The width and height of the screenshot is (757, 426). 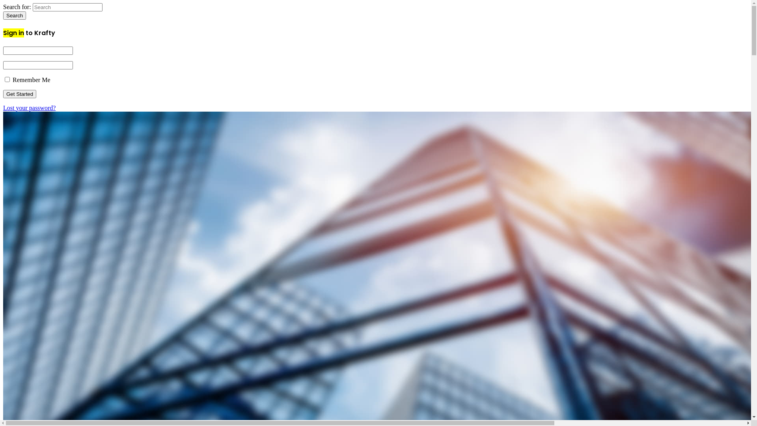 What do you see at coordinates (3, 15) in the screenshot?
I see `'Search'` at bounding box center [3, 15].